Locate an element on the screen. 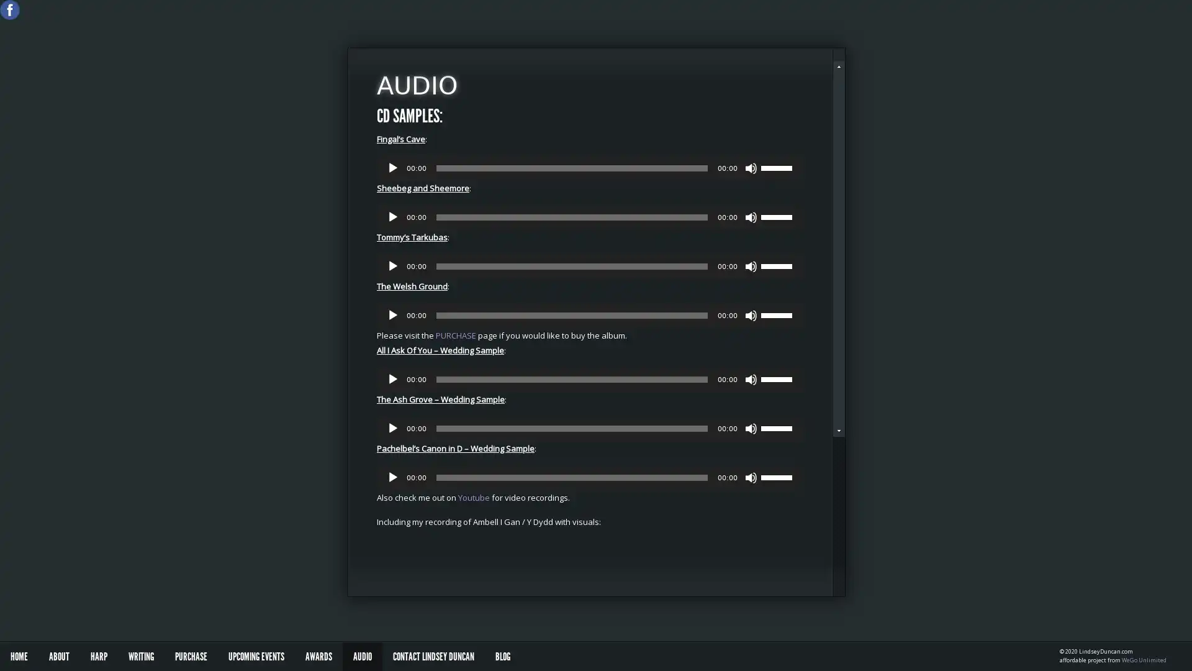  Play is located at coordinates (392, 315).